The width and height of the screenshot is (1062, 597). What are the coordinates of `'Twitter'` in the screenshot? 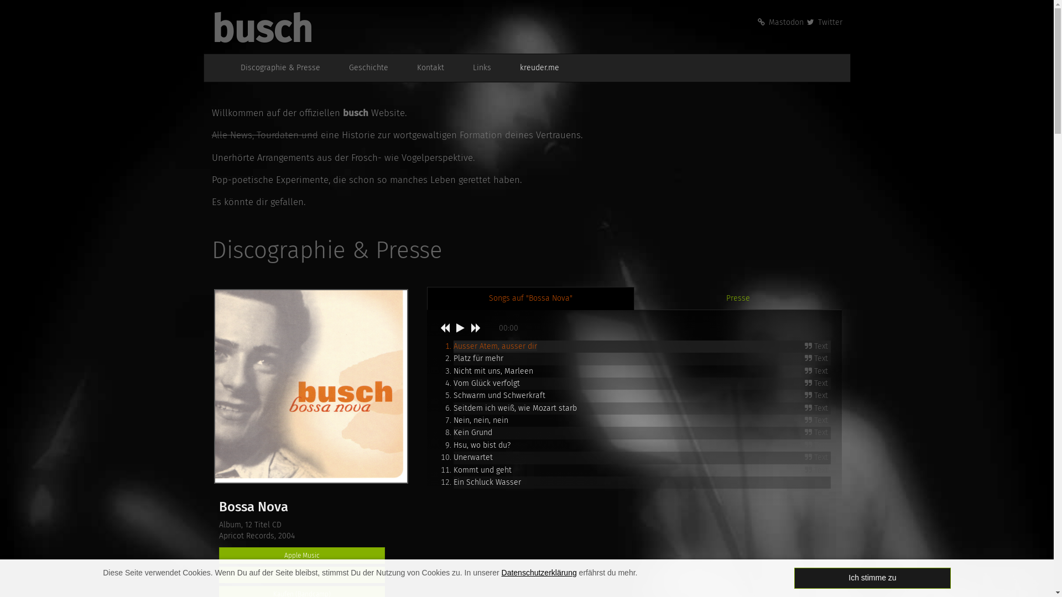 It's located at (824, 22).